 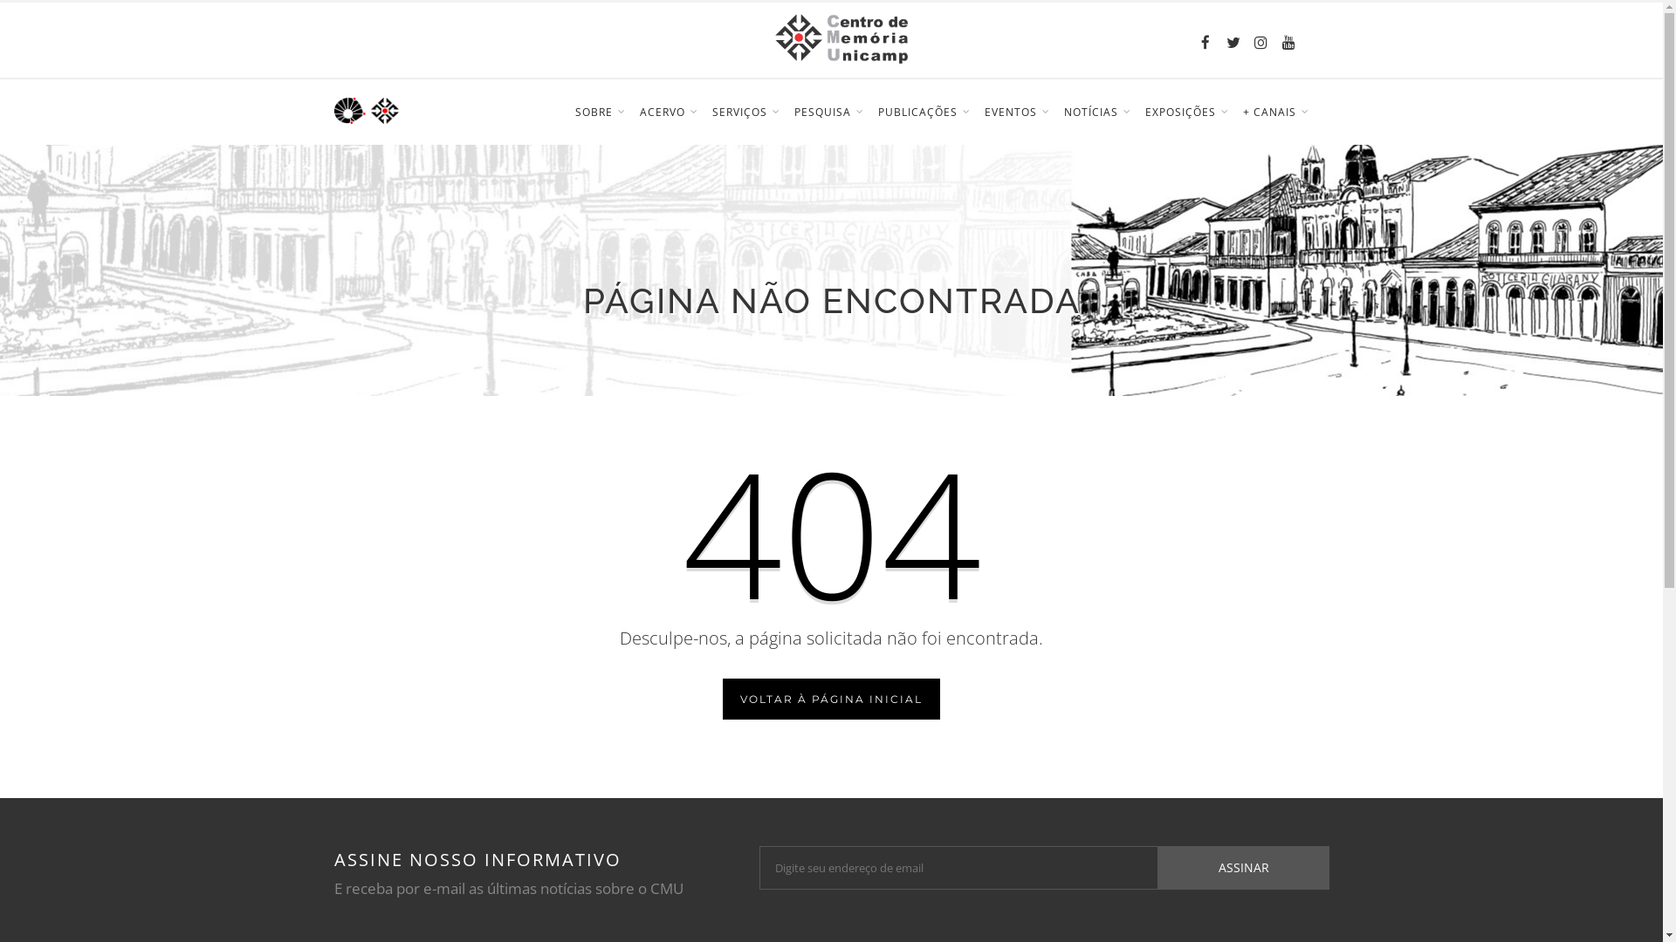 What do you see at coordinates (786, 112) in the screenshot?
I see `'PESQUISA'` at bounding box center [786, 112].